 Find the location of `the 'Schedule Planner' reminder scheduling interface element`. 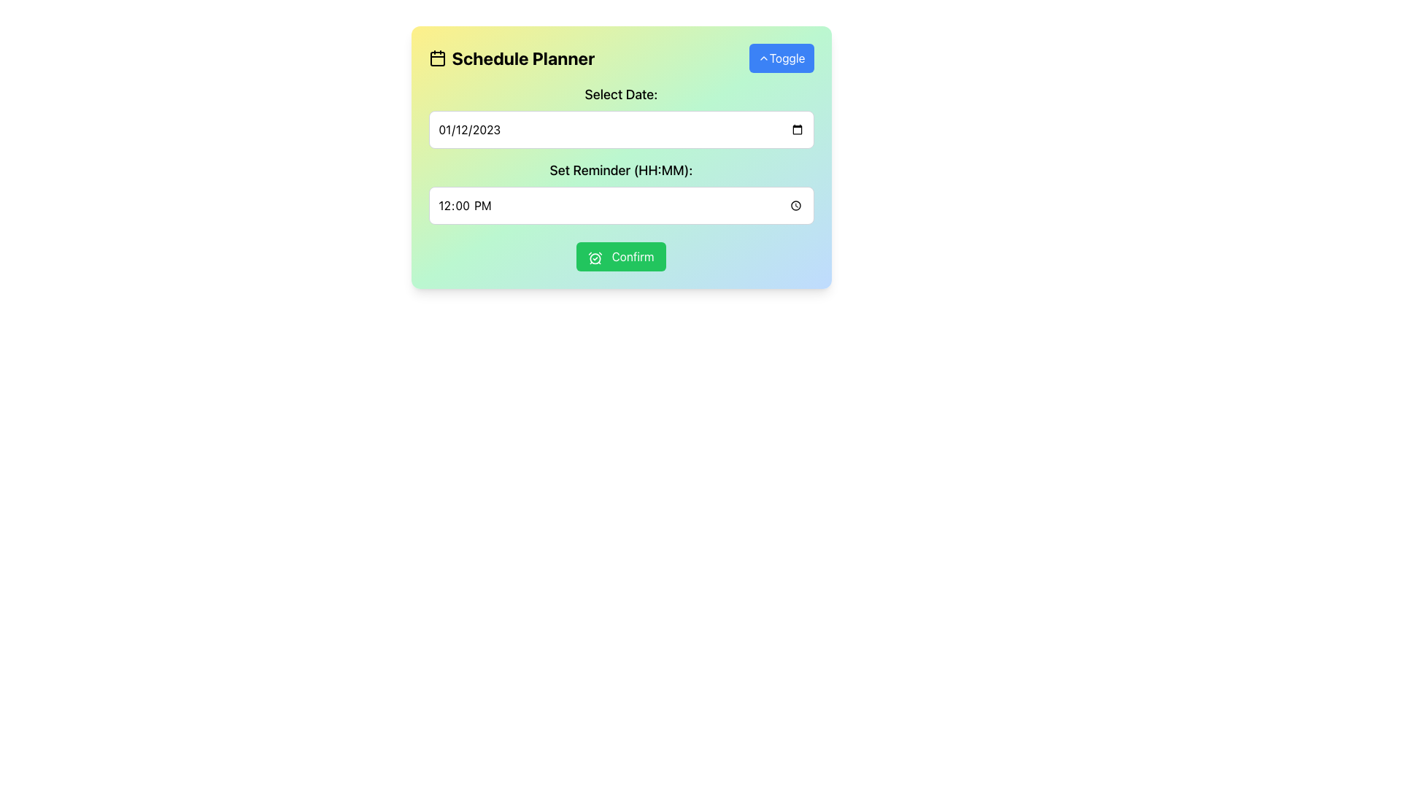

the 'Schedule Planner' reminder scheduling interface element is located at coordinates (621, 158).